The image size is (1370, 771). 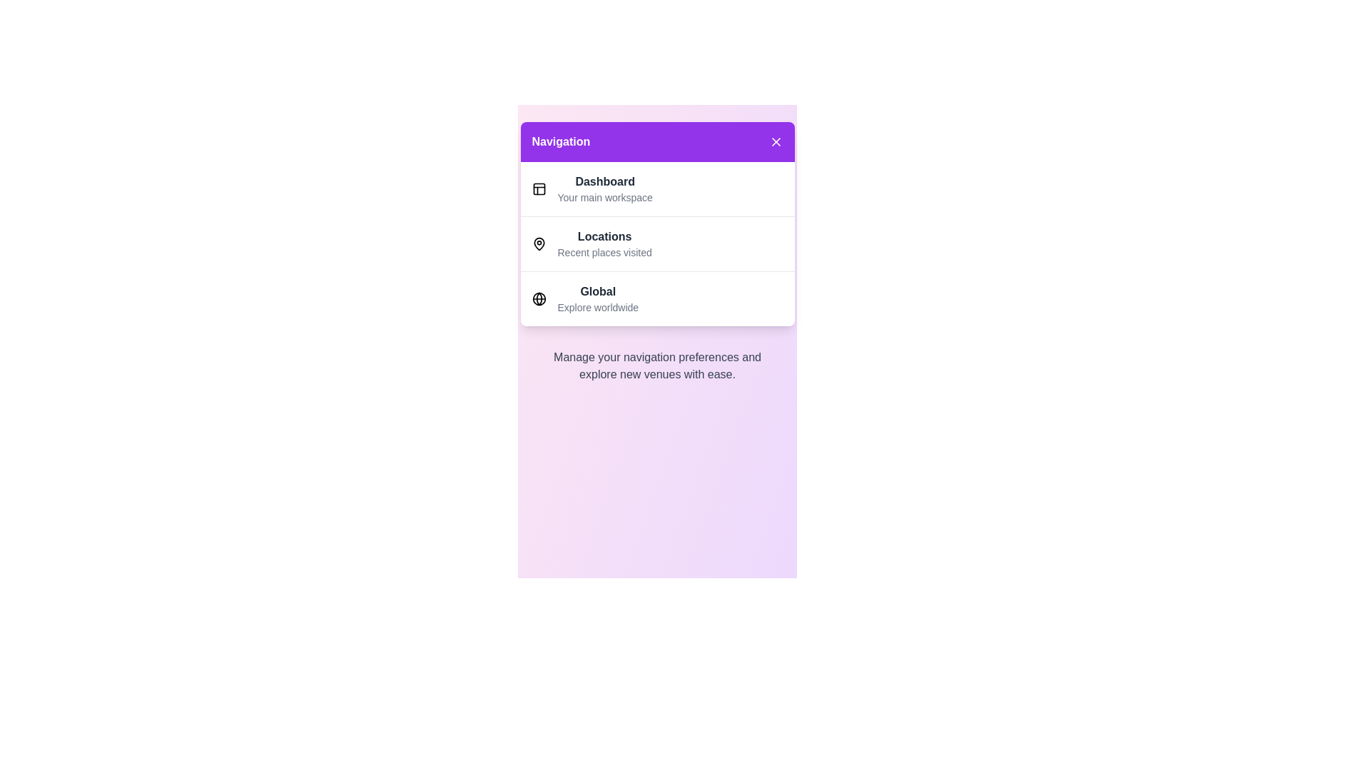 What do you see at coordinates (606, 242) in the screenshot?
I see `the menu item Locations from the navigation menu` at bounding box center [606, 242].